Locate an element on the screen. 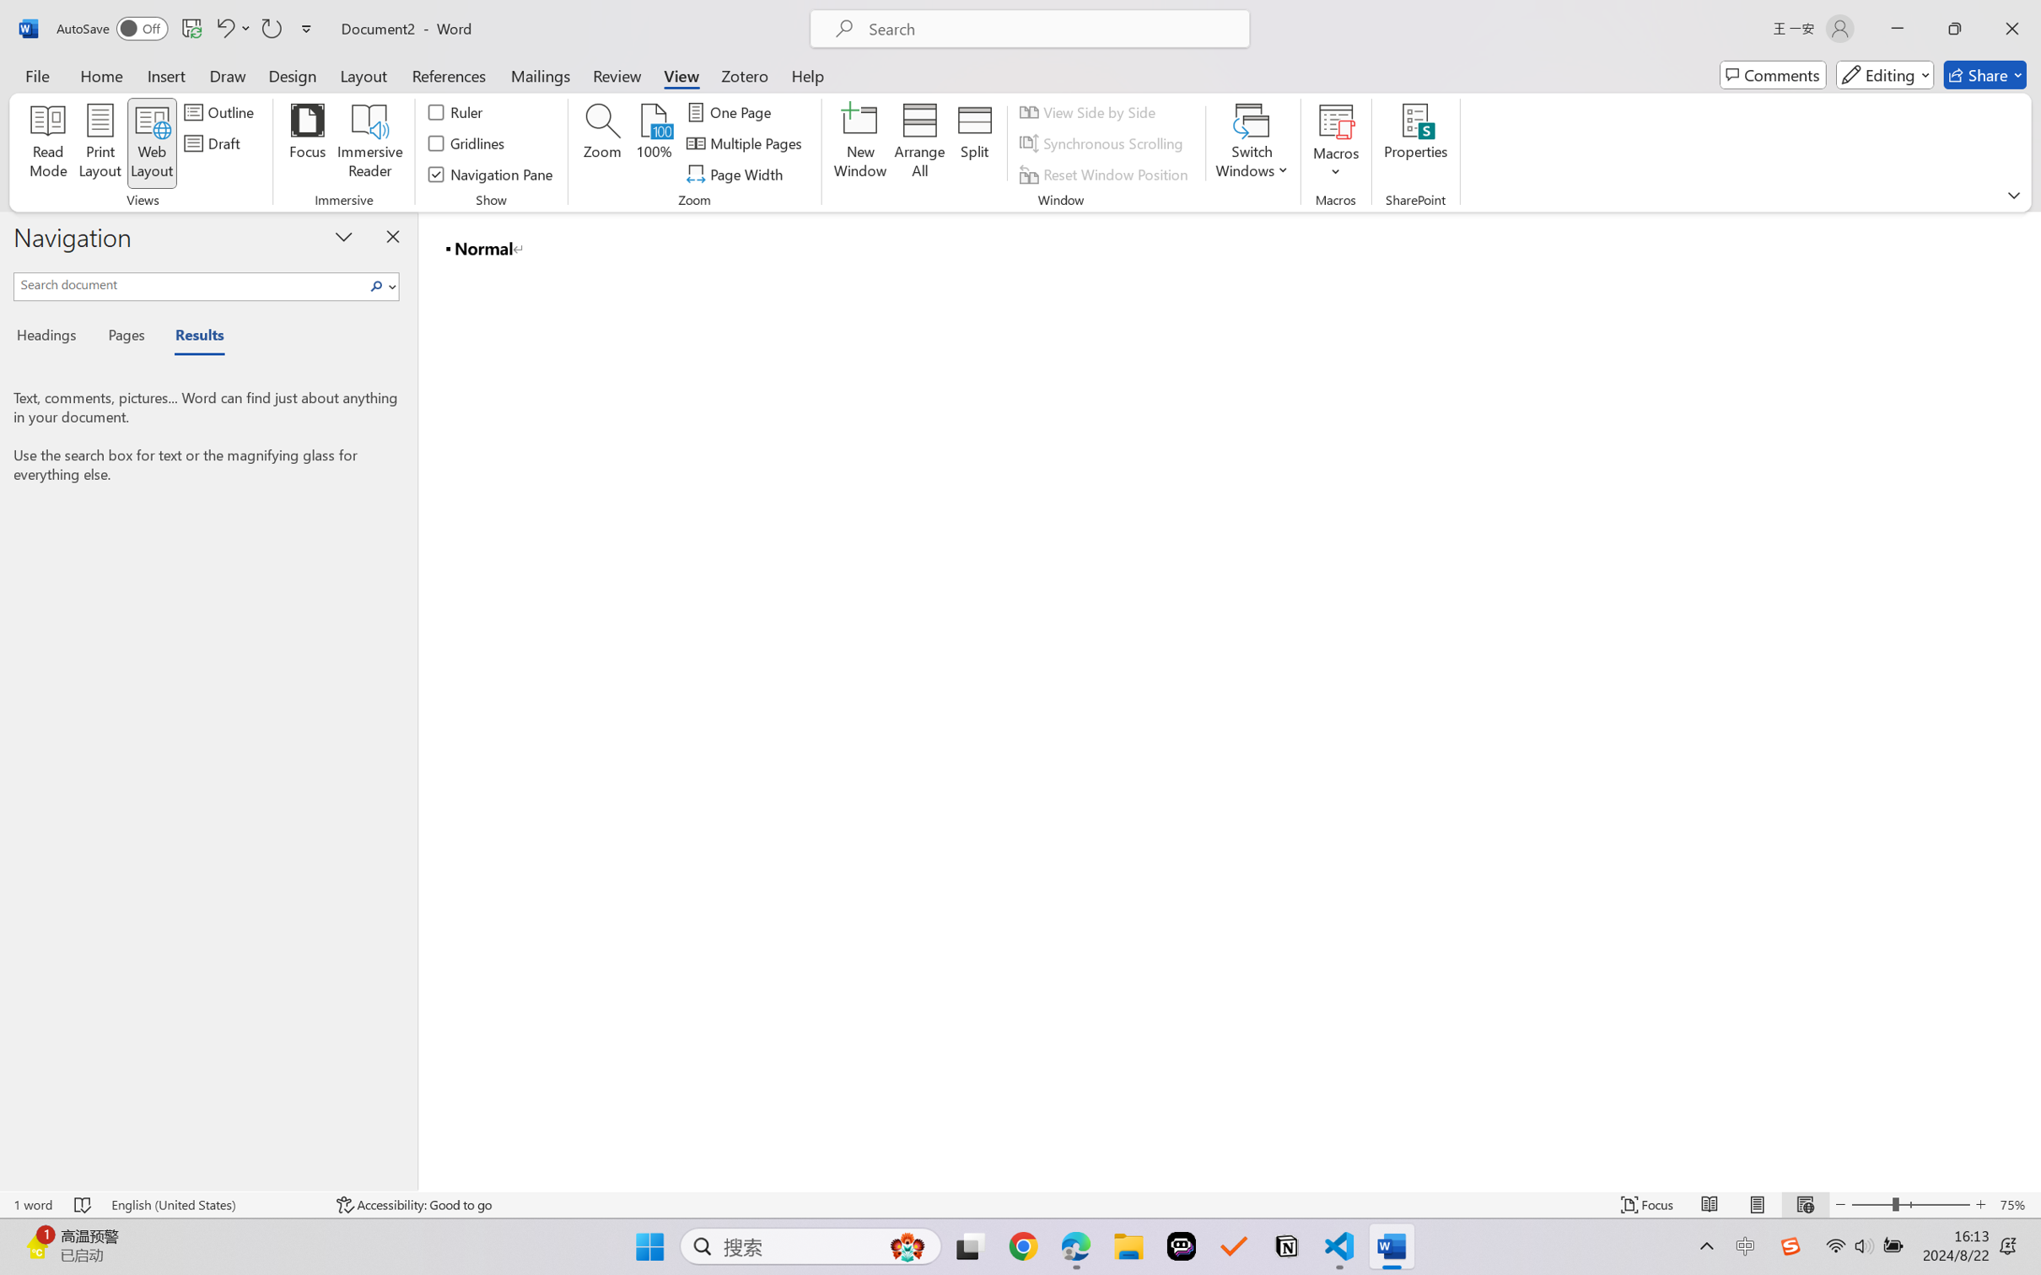 The image size is (2041, 1275). 'Language English (United States)' is located at coordinates (212, 1204).